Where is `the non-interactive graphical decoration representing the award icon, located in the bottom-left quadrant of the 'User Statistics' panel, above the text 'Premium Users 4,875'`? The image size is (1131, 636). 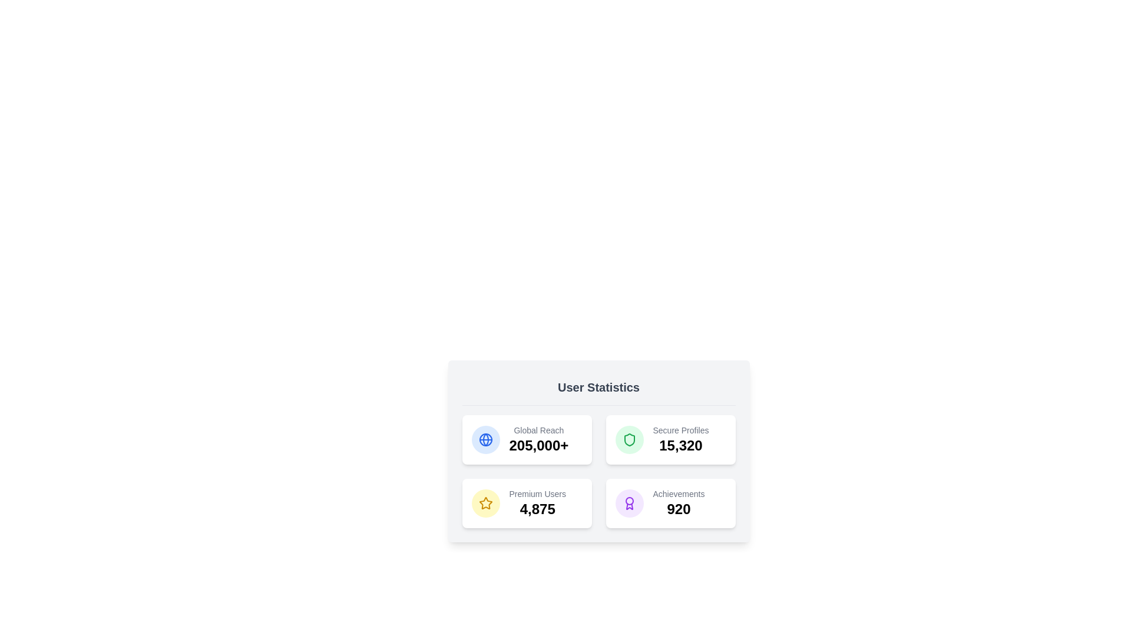
the non-interactive graphical decoration representing the award icon, located in the bottom-left quadrant of the 'User Statistics' panel, above the text 'Premium Users 4,875' is located at coordinates (629, 506).